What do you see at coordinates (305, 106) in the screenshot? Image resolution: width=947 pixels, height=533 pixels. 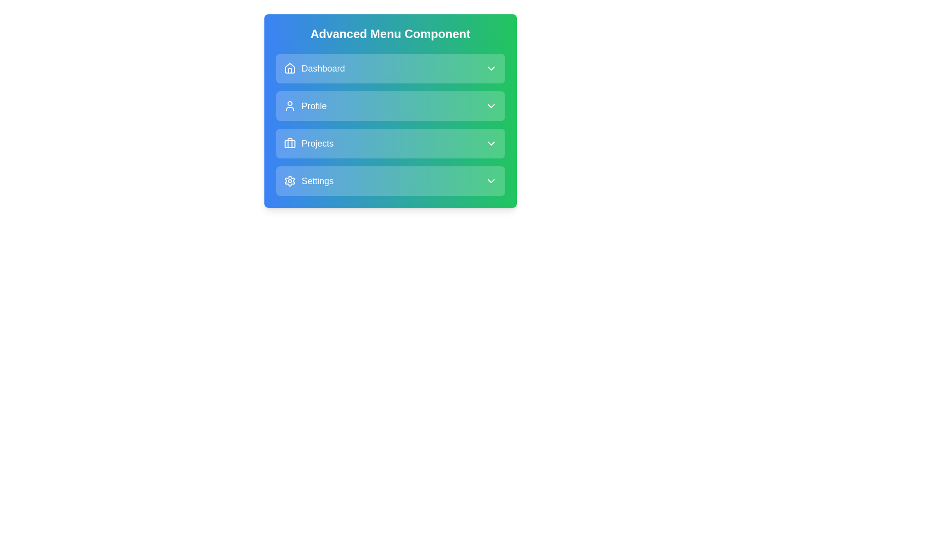 I see `the Button-like text with an icon located in the sidebar menu to redirect to the profile section` at bounding box center [305, 106].